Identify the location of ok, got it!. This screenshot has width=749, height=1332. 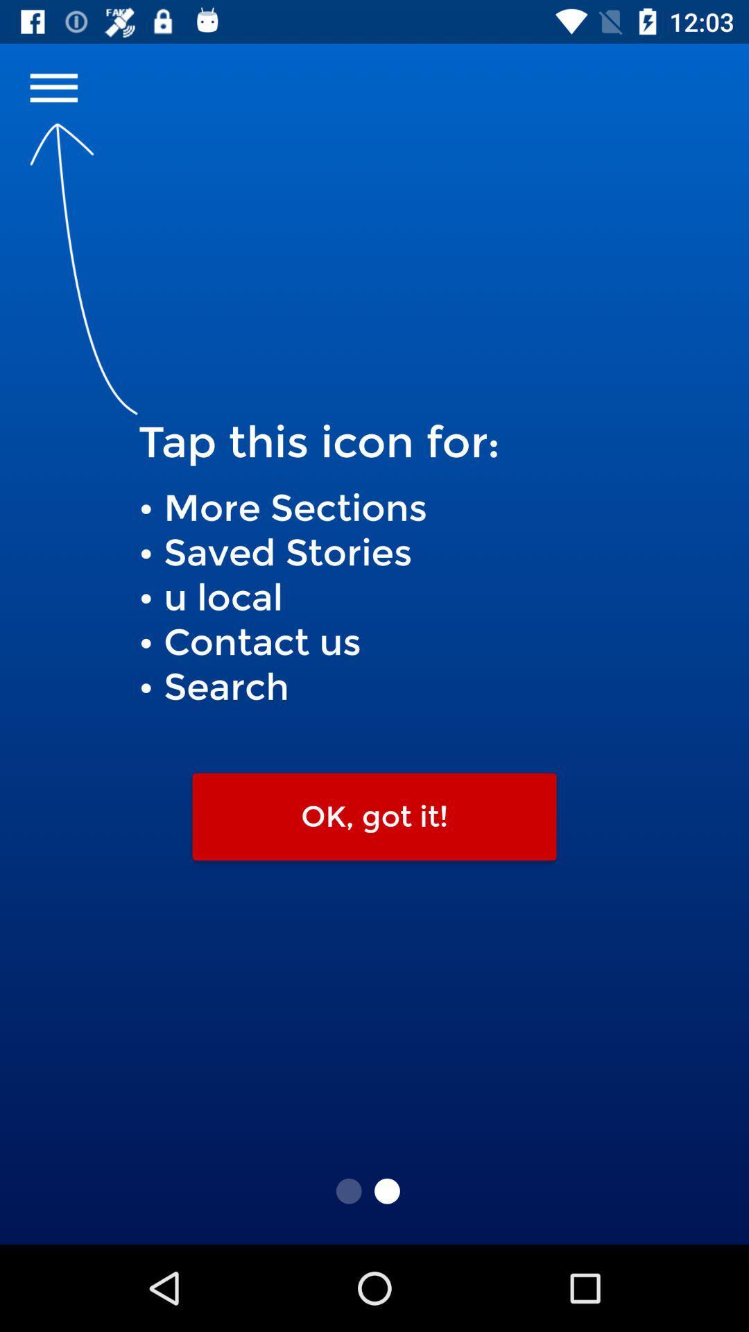
(374, 817).